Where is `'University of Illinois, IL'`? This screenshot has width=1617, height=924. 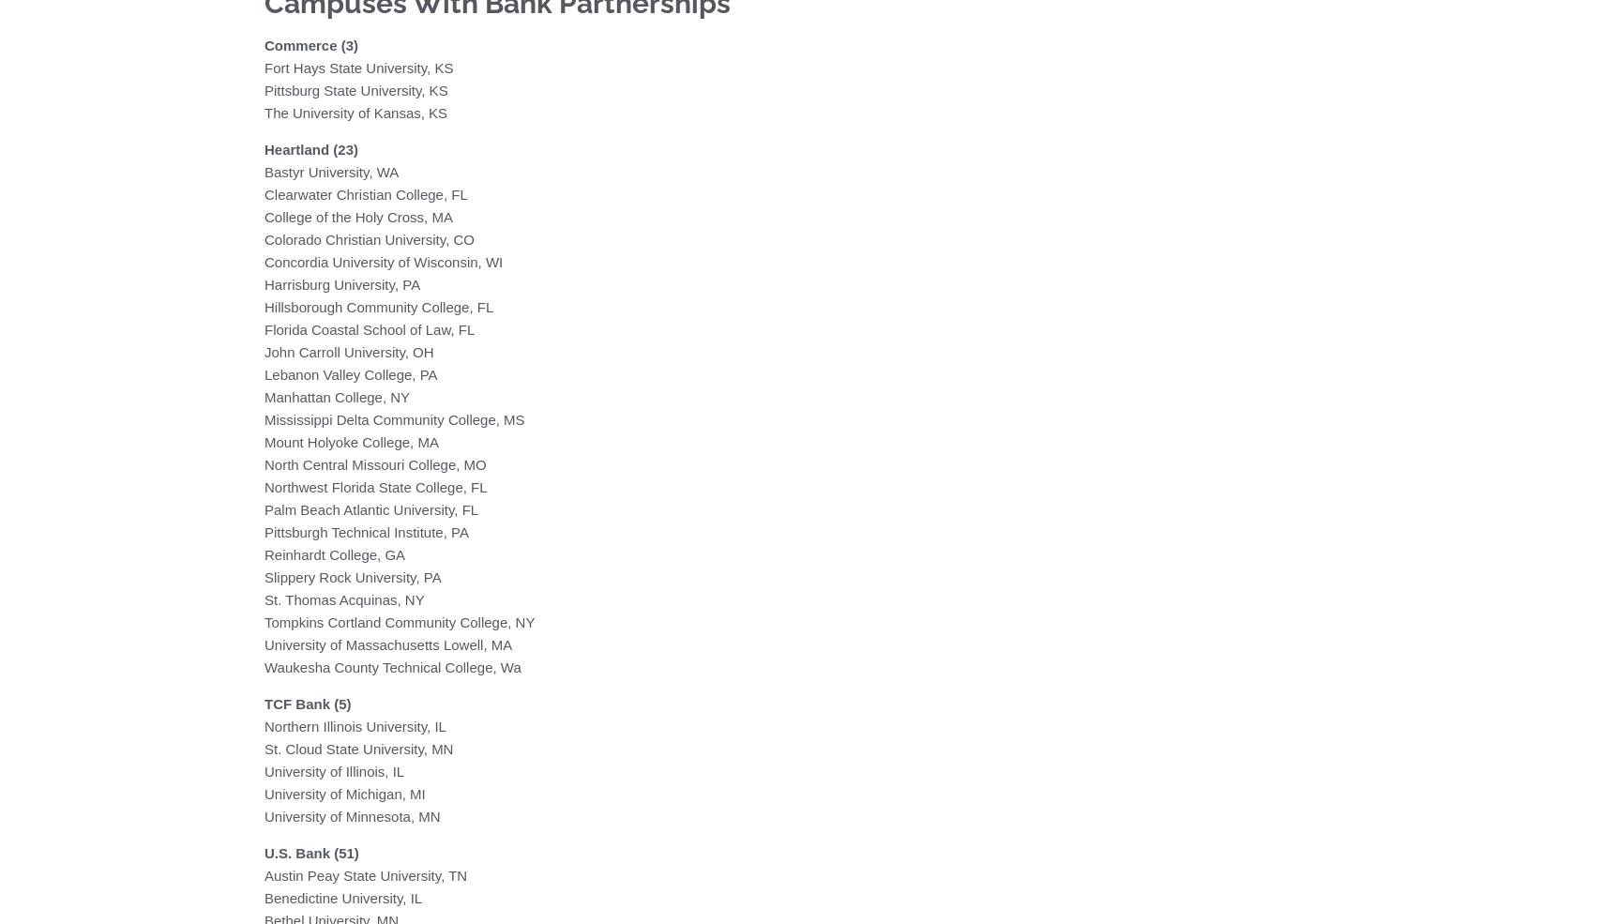 'University of Illinois, IL' is located at coordinates (334, 769).